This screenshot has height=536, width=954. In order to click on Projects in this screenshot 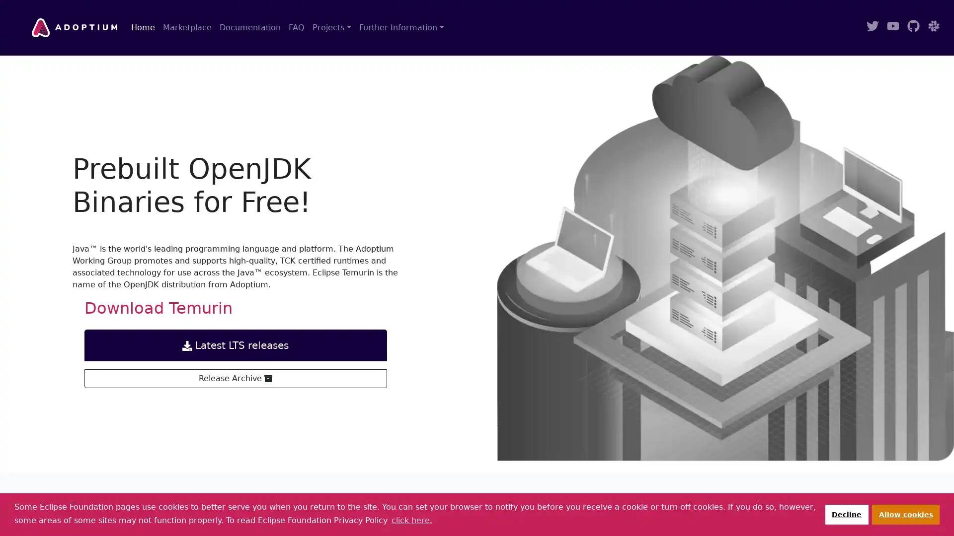, I will do `click(331, 27)`.